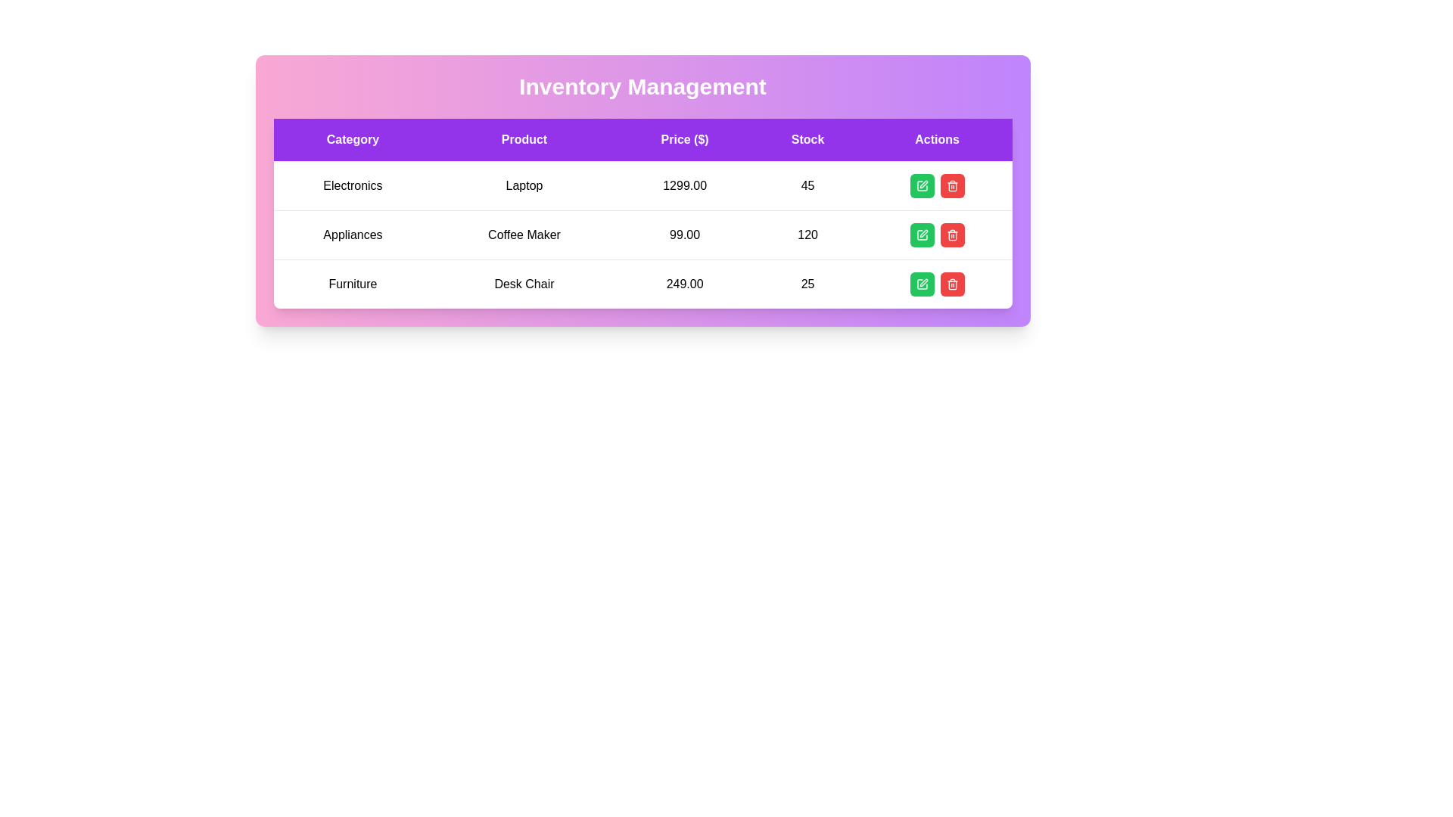 This screenshot has width=1453, height=817. Describe the element at coordinates (807, 235) in the screenshot. I see `stock quantity value of the product 'Coffee Maker' located in the 'Stock' column of the inventory management table` at that location.